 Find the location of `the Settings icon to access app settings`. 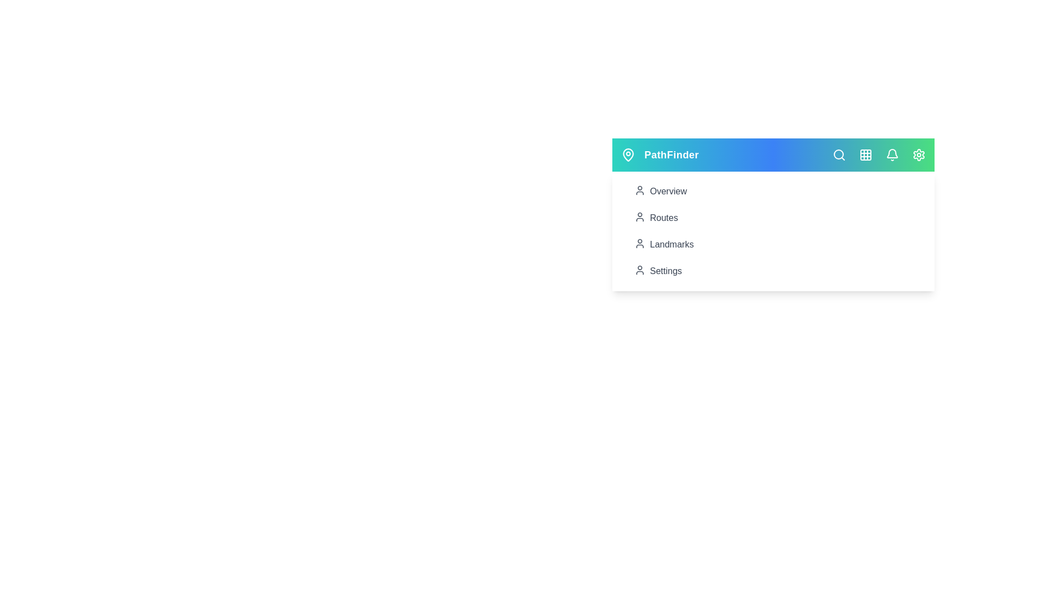

the Settings icon to access app settings is located at coordinates (919, 155).